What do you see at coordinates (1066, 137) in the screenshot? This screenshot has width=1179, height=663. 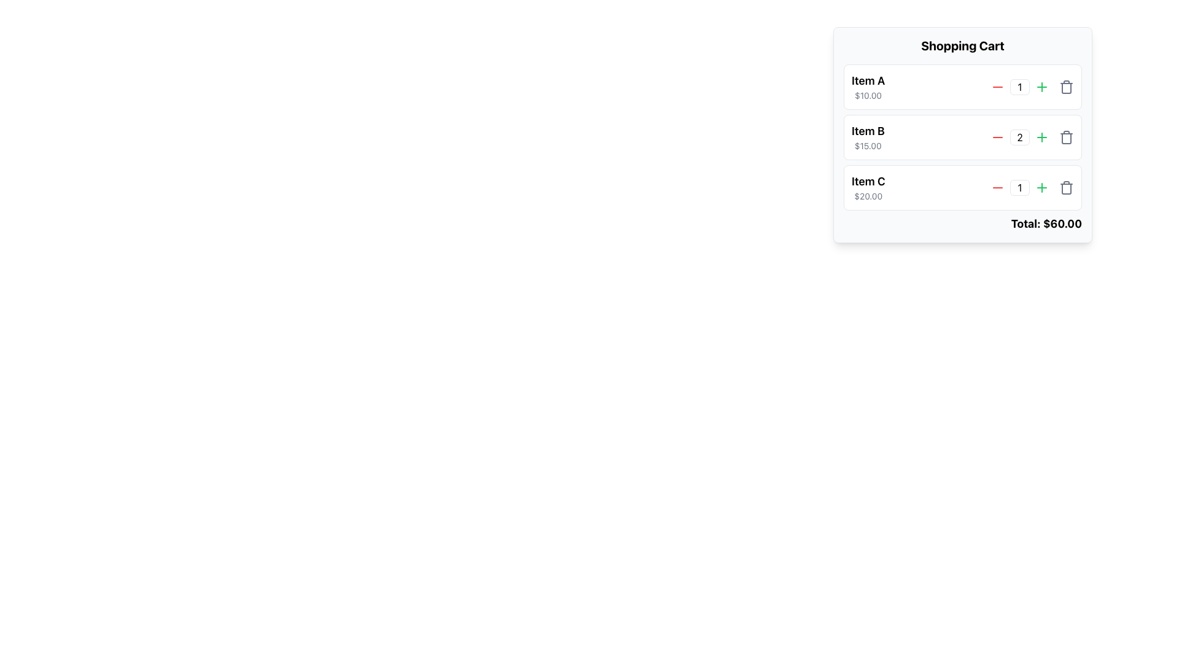 I see `the trash bin button located beside the numeric control for 'Item B' in the shopping cart` at bounding box center [1066, 137].